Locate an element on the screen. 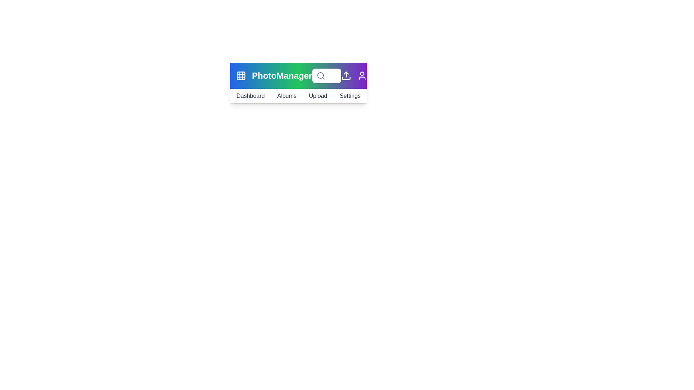 The height and width of the screenshot is (390, 694). the search bar and type the query 'example query' is located at coordinates (326, 75).